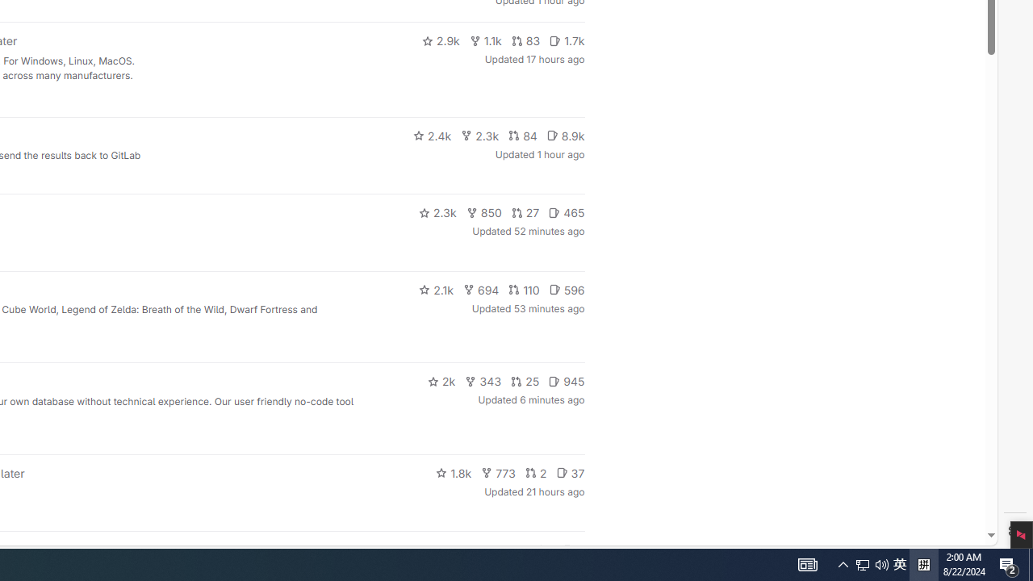 This screenshot has width=1033, height=581. What do you see at coordinates (484, 40) in the screenshot?
I see `'1.1k'` at bounding box center [484, 40].